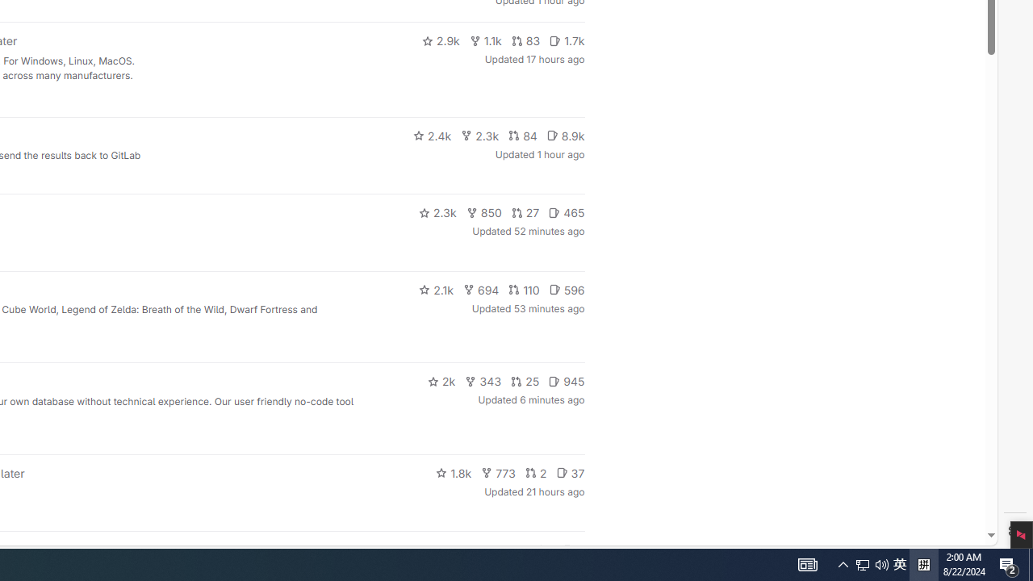 This screenshot has width=1033, height=581. What do you see at coordinates (484, 40) in the screenshot?
I see `'1.1k'` at bounding box center [484, 40].